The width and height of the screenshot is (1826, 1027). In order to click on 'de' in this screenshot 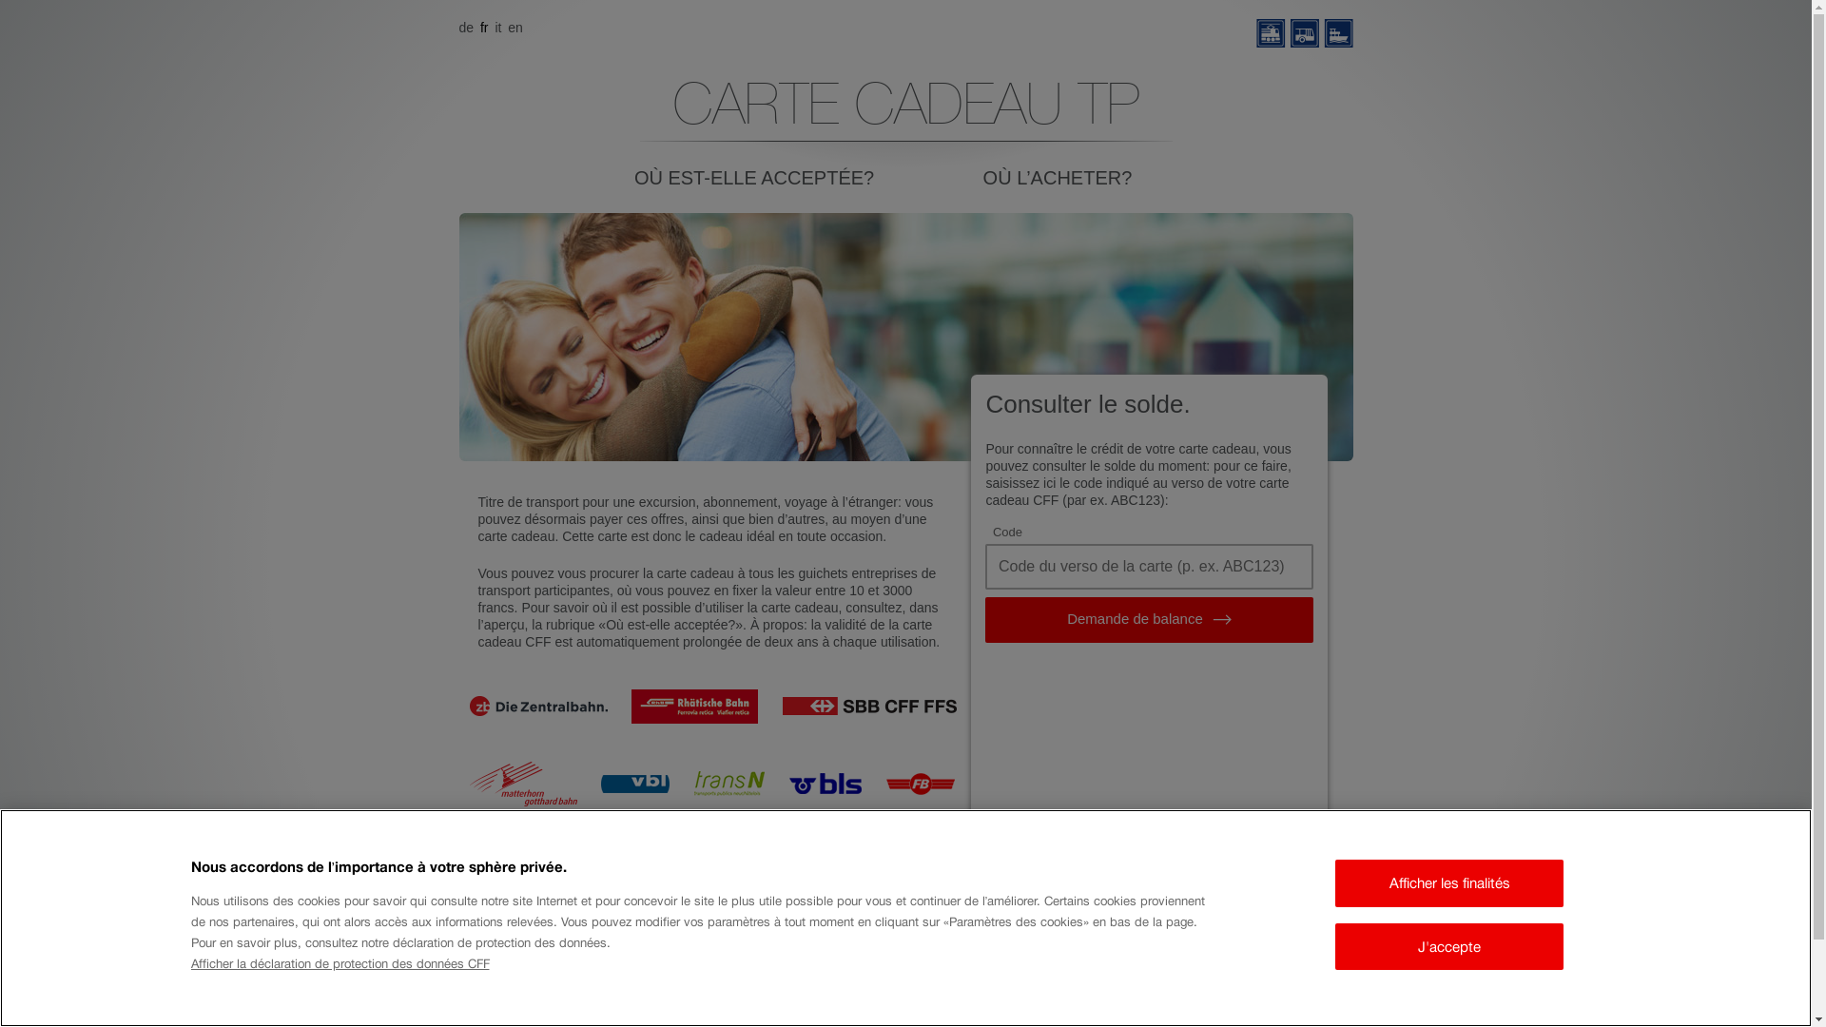, I will do `click(457, 28)`.